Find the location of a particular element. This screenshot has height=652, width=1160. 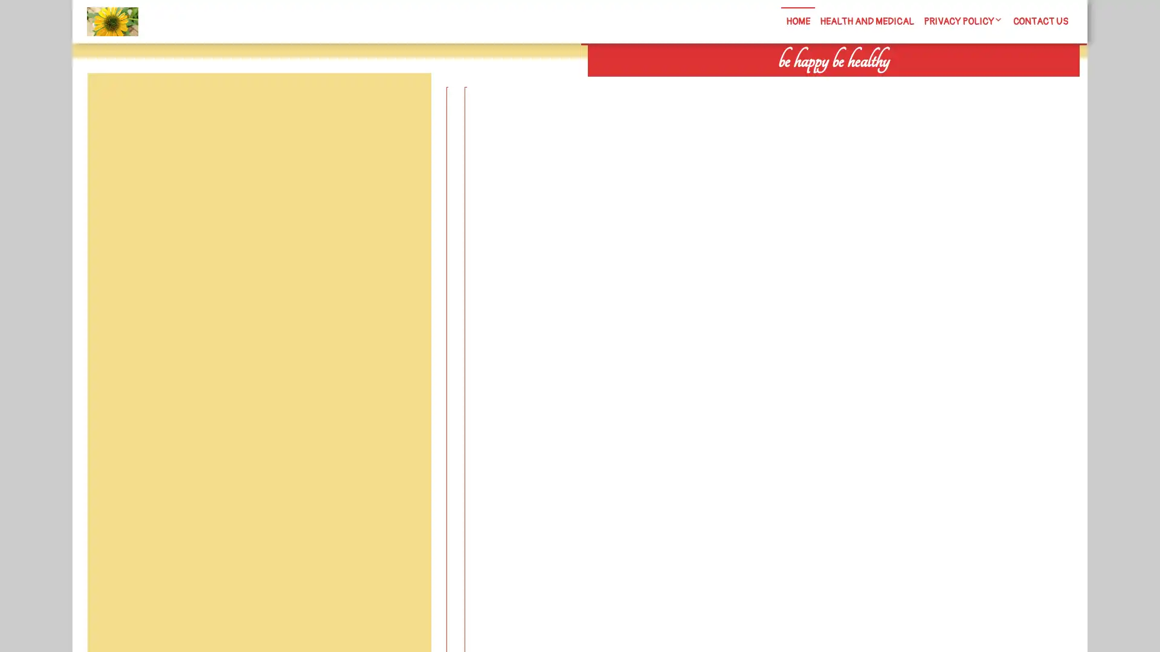

Search is located at coordinates (403, 101).